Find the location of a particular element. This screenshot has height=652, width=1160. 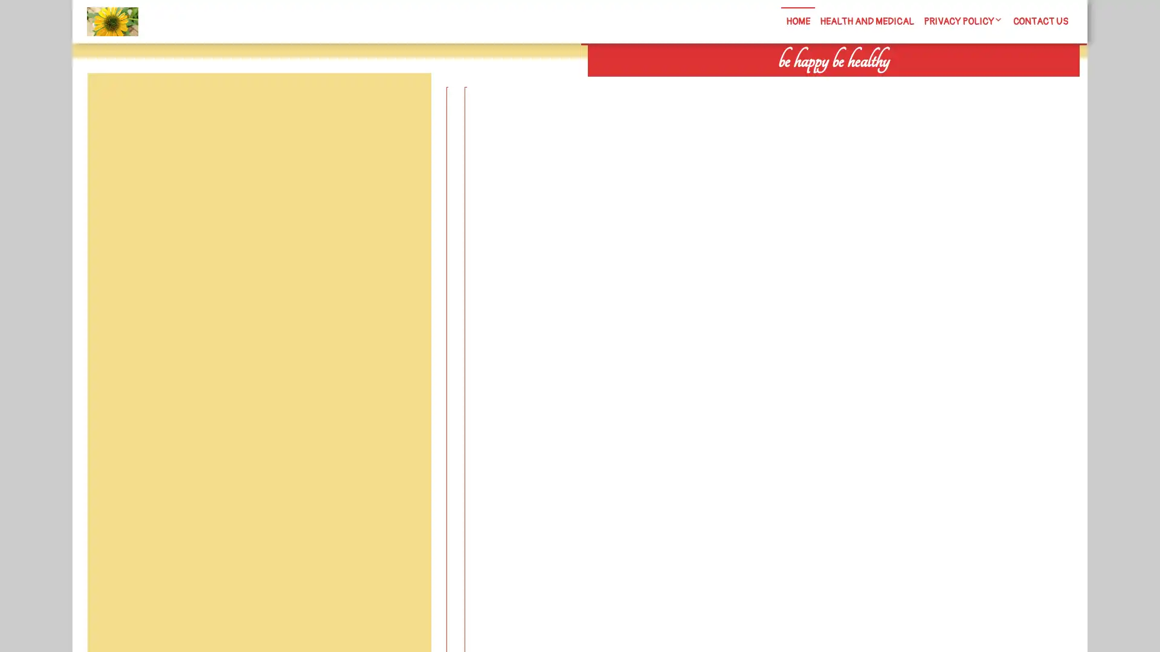

Search is located at coordinates (403, 101).